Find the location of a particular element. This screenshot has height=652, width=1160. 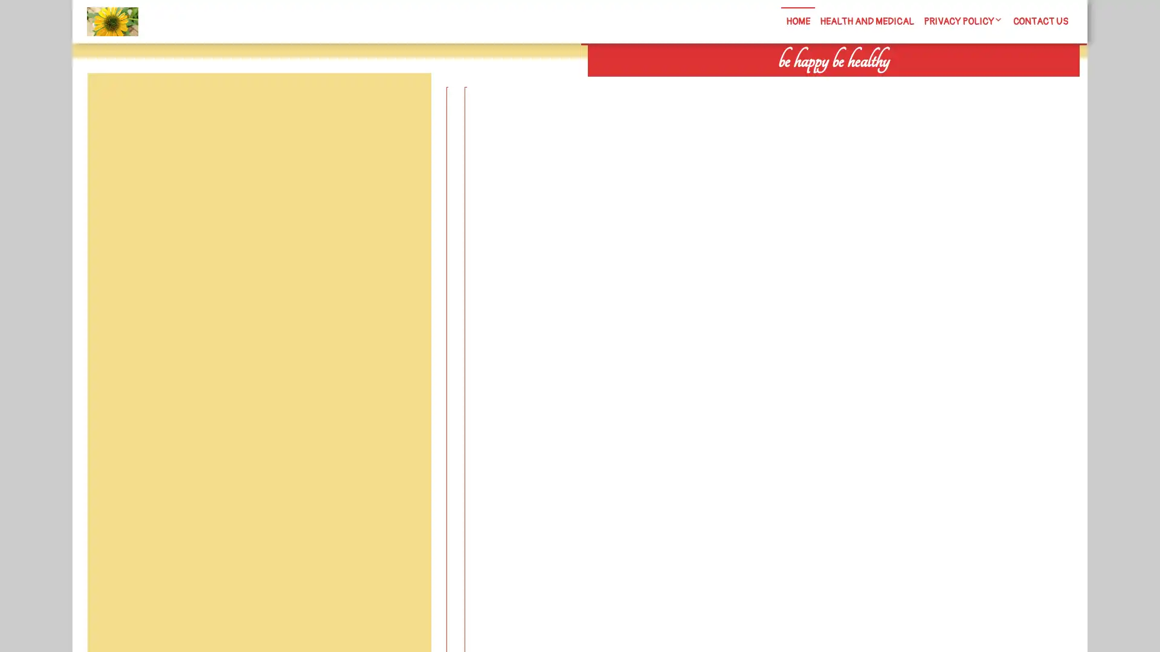

Search is located at coordinates (403, 101).